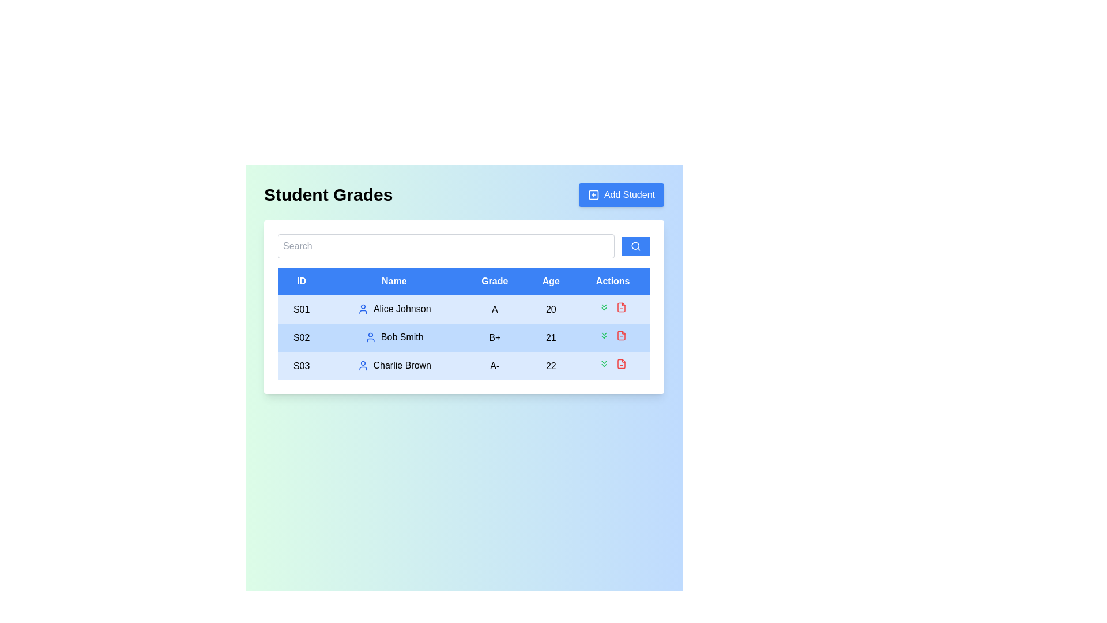 The image size is (1107, 623). What do you see at coordinates (302, 309) in the screenshot?
I see `the text label displaying 'S01' in black, located in the 'ID' column header of the table, under the name 'Alice Johnson'` at bounding box center [302, 309].